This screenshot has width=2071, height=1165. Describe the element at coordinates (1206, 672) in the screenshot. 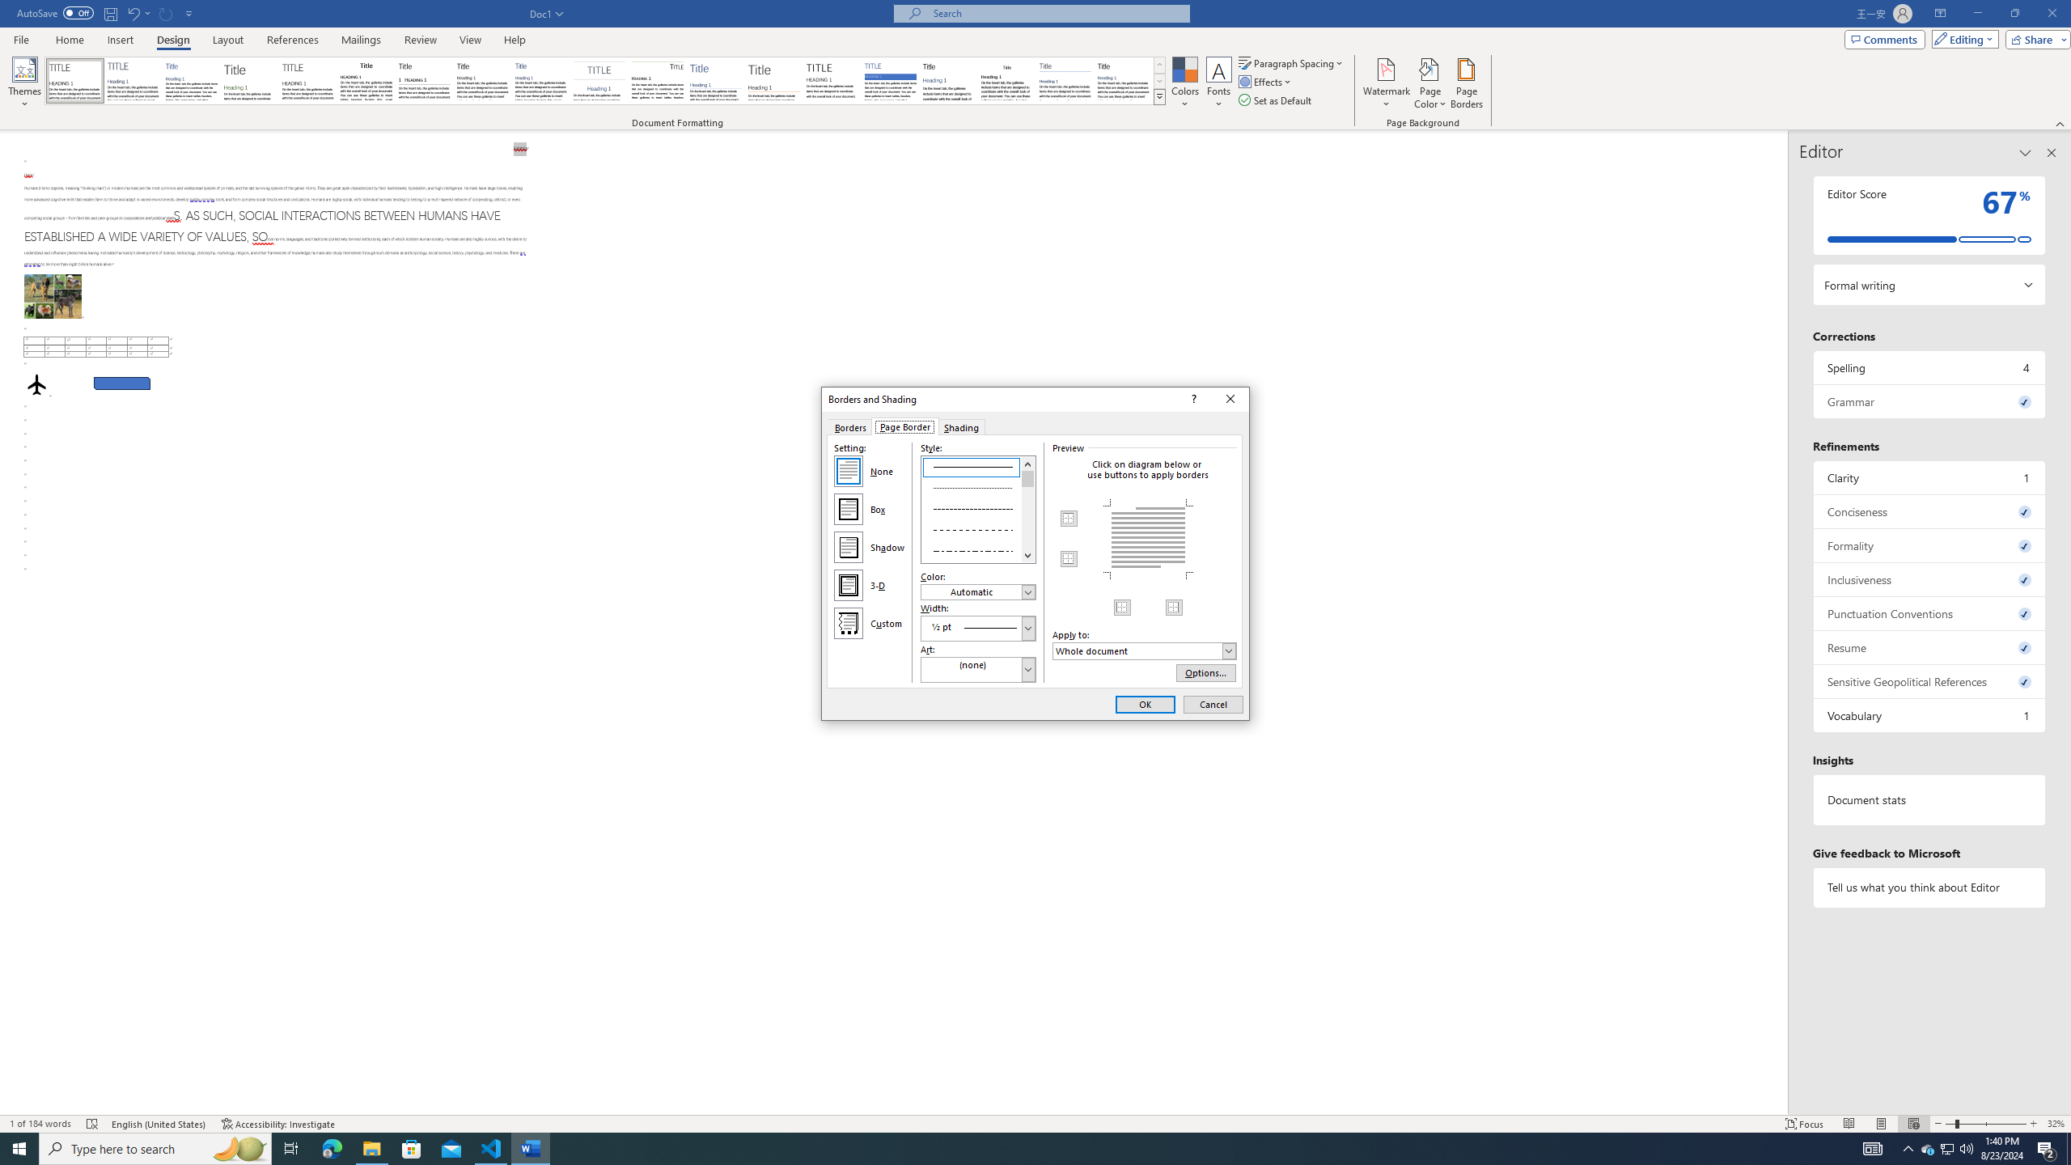

I see `'Options...'` at that location.